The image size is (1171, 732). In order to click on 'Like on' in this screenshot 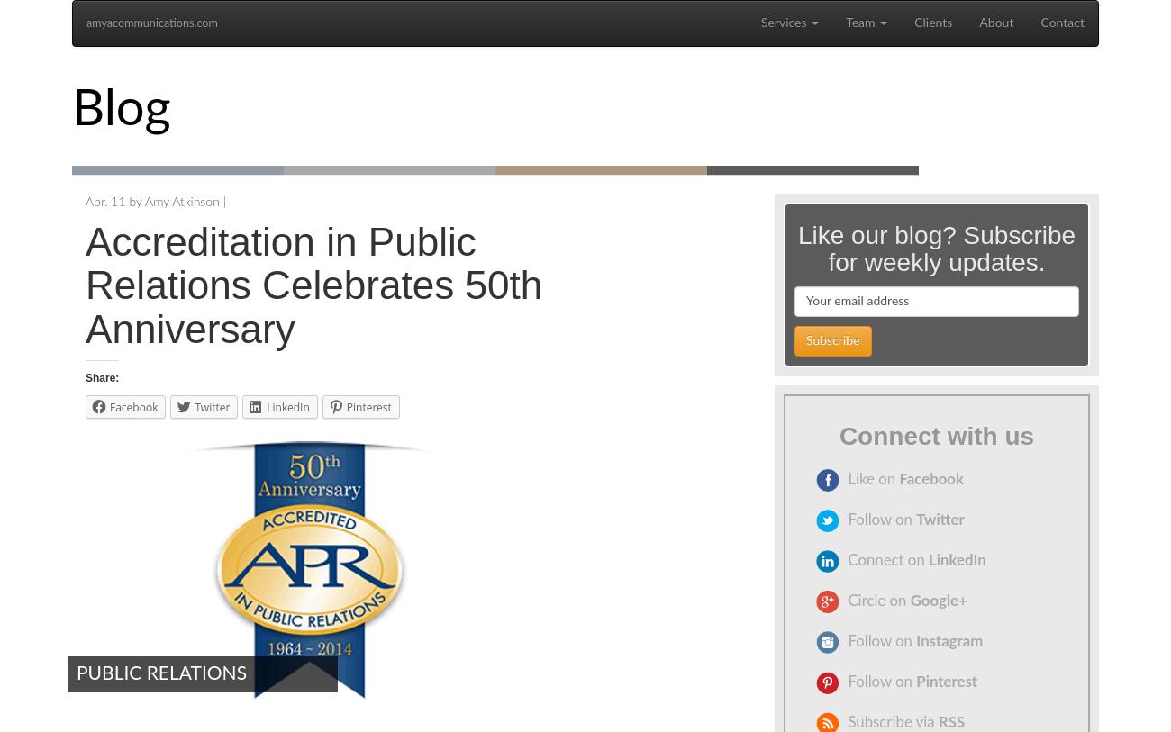, I will do `click(847, 479)`.